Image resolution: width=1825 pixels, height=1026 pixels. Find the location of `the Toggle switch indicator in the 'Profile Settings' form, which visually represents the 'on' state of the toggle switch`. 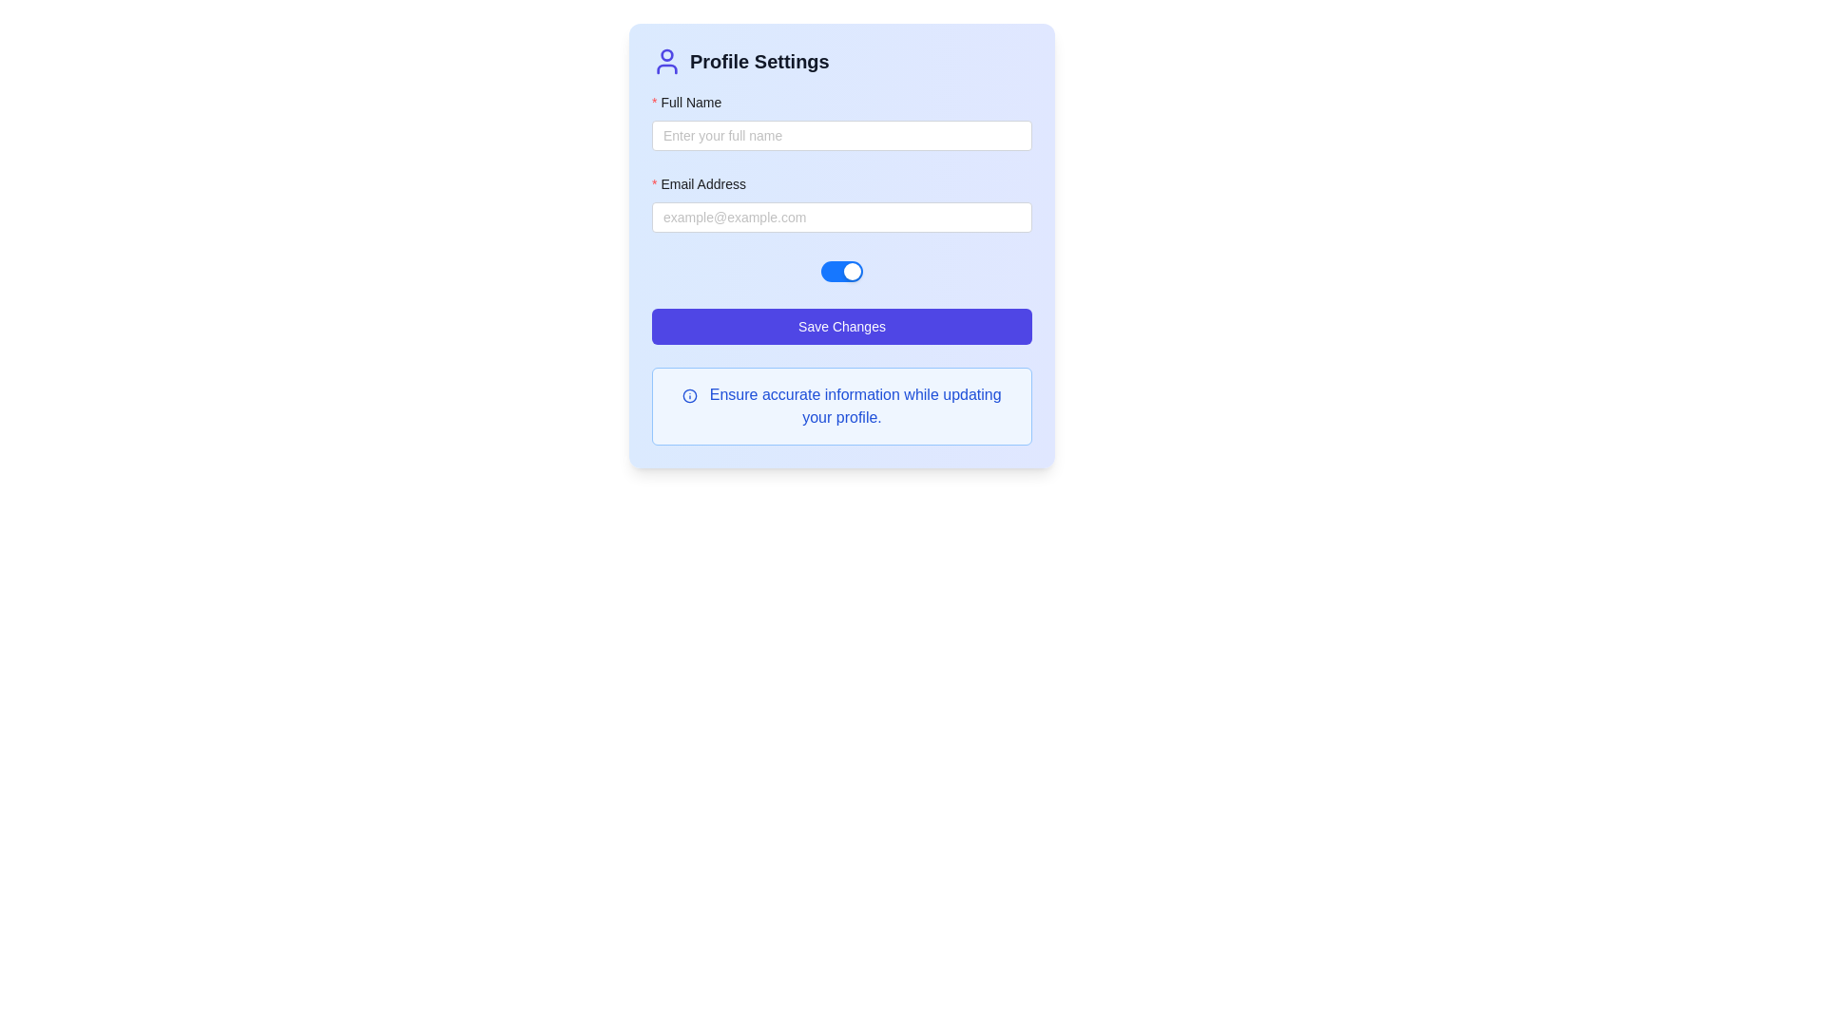

the Toggle switch indicator in the 'Profile Settings' form, which visually represents the 'on' state of the toggle switch is located at coordinates (835, 271).